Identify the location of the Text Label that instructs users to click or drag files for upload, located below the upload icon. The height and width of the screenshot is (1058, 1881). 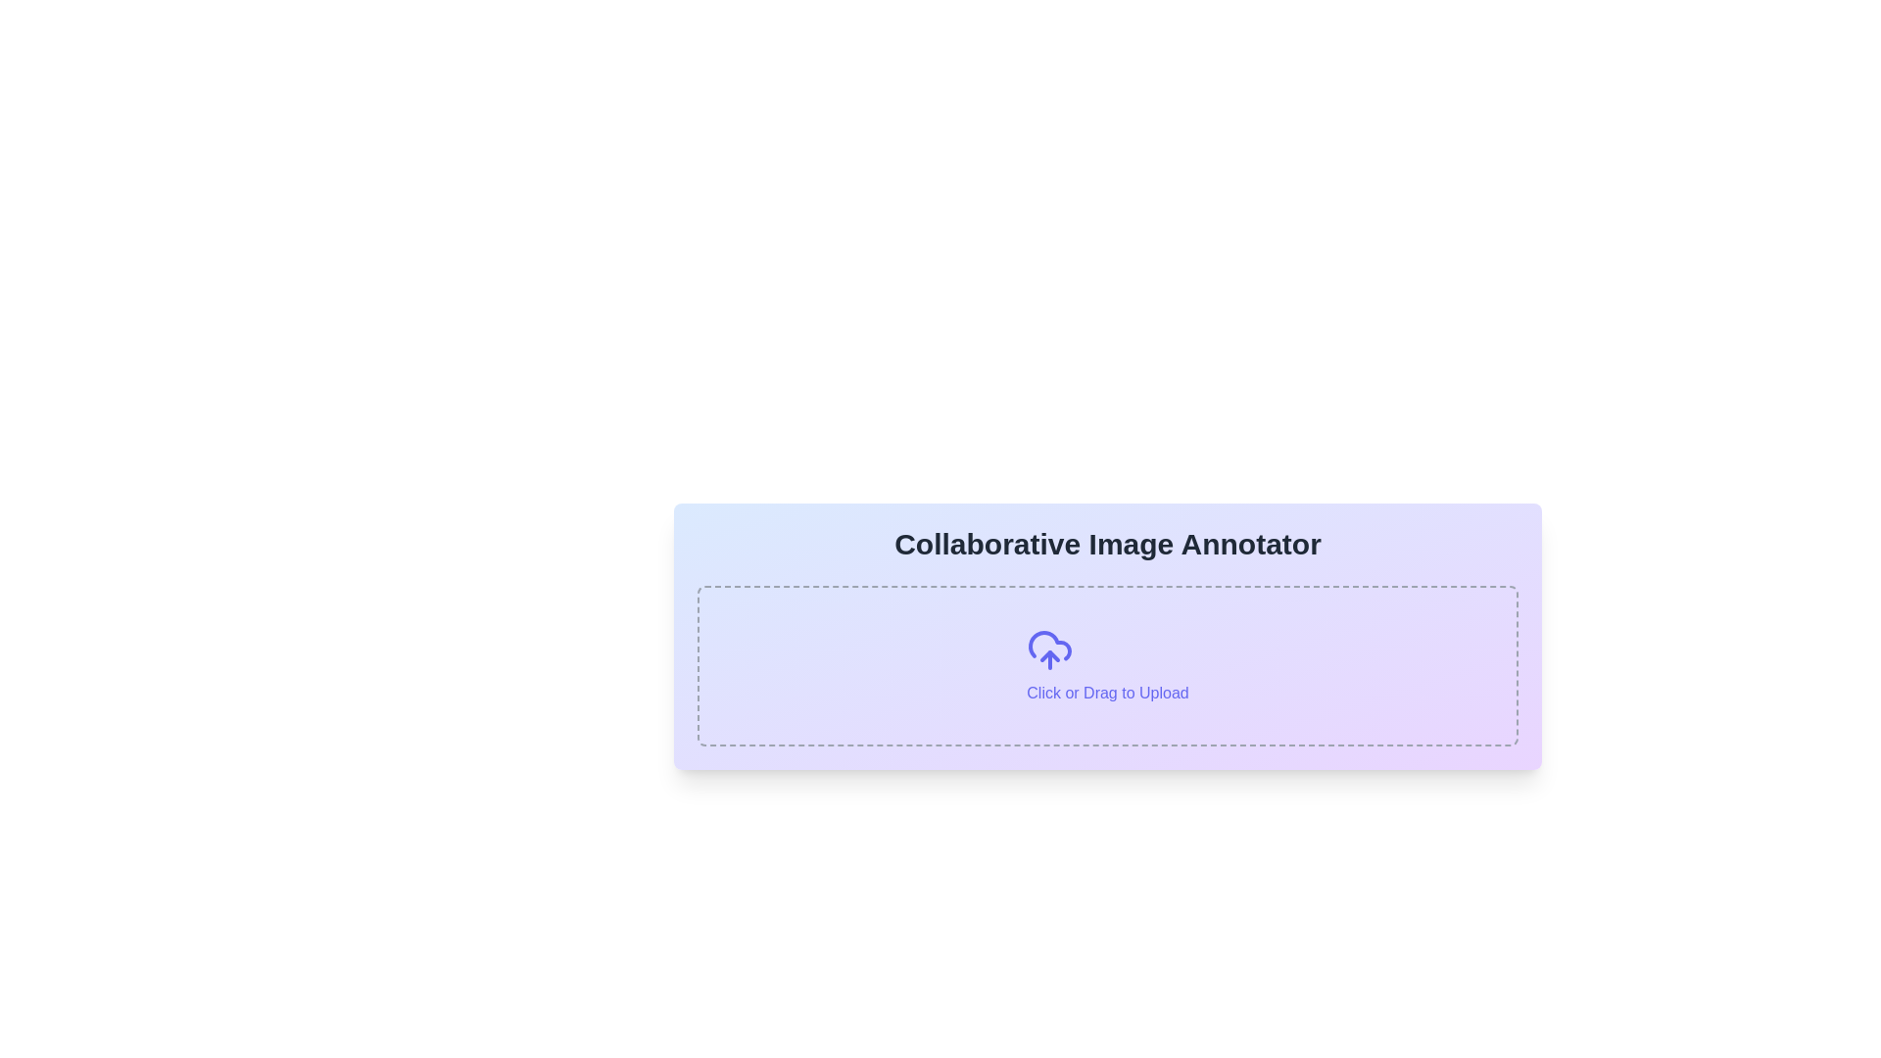
(1108, 693).